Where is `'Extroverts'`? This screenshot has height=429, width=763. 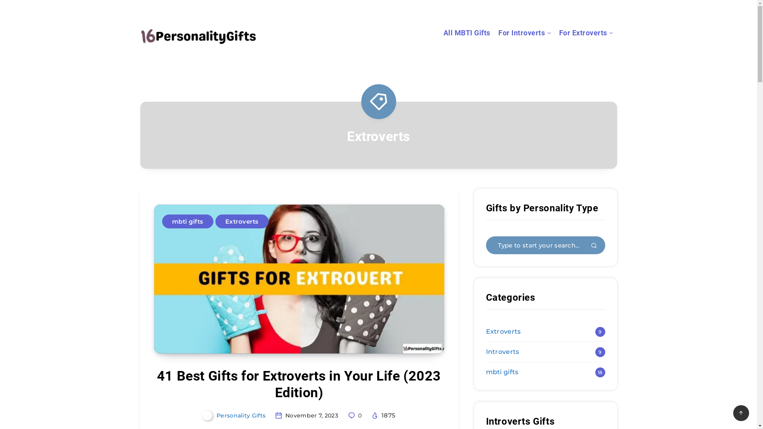
'Extroverts' is located at coordinates (503, 331).